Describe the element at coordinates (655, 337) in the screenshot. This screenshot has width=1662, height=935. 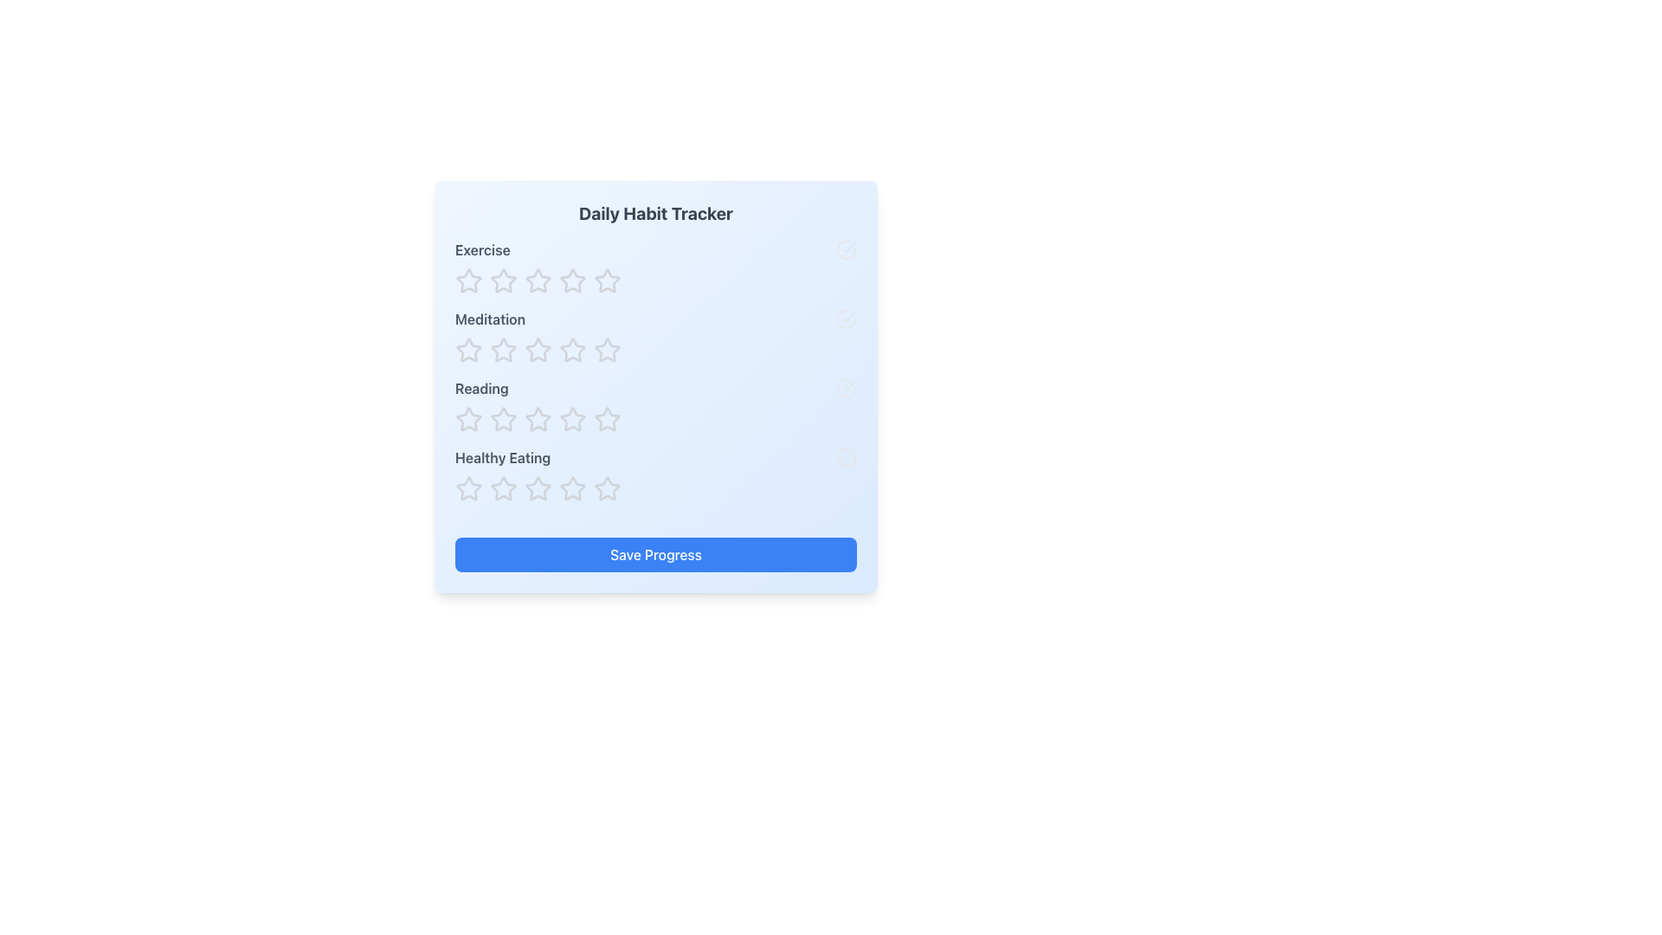
I see `across the stars in the 'Meditation' habit category` at that location.